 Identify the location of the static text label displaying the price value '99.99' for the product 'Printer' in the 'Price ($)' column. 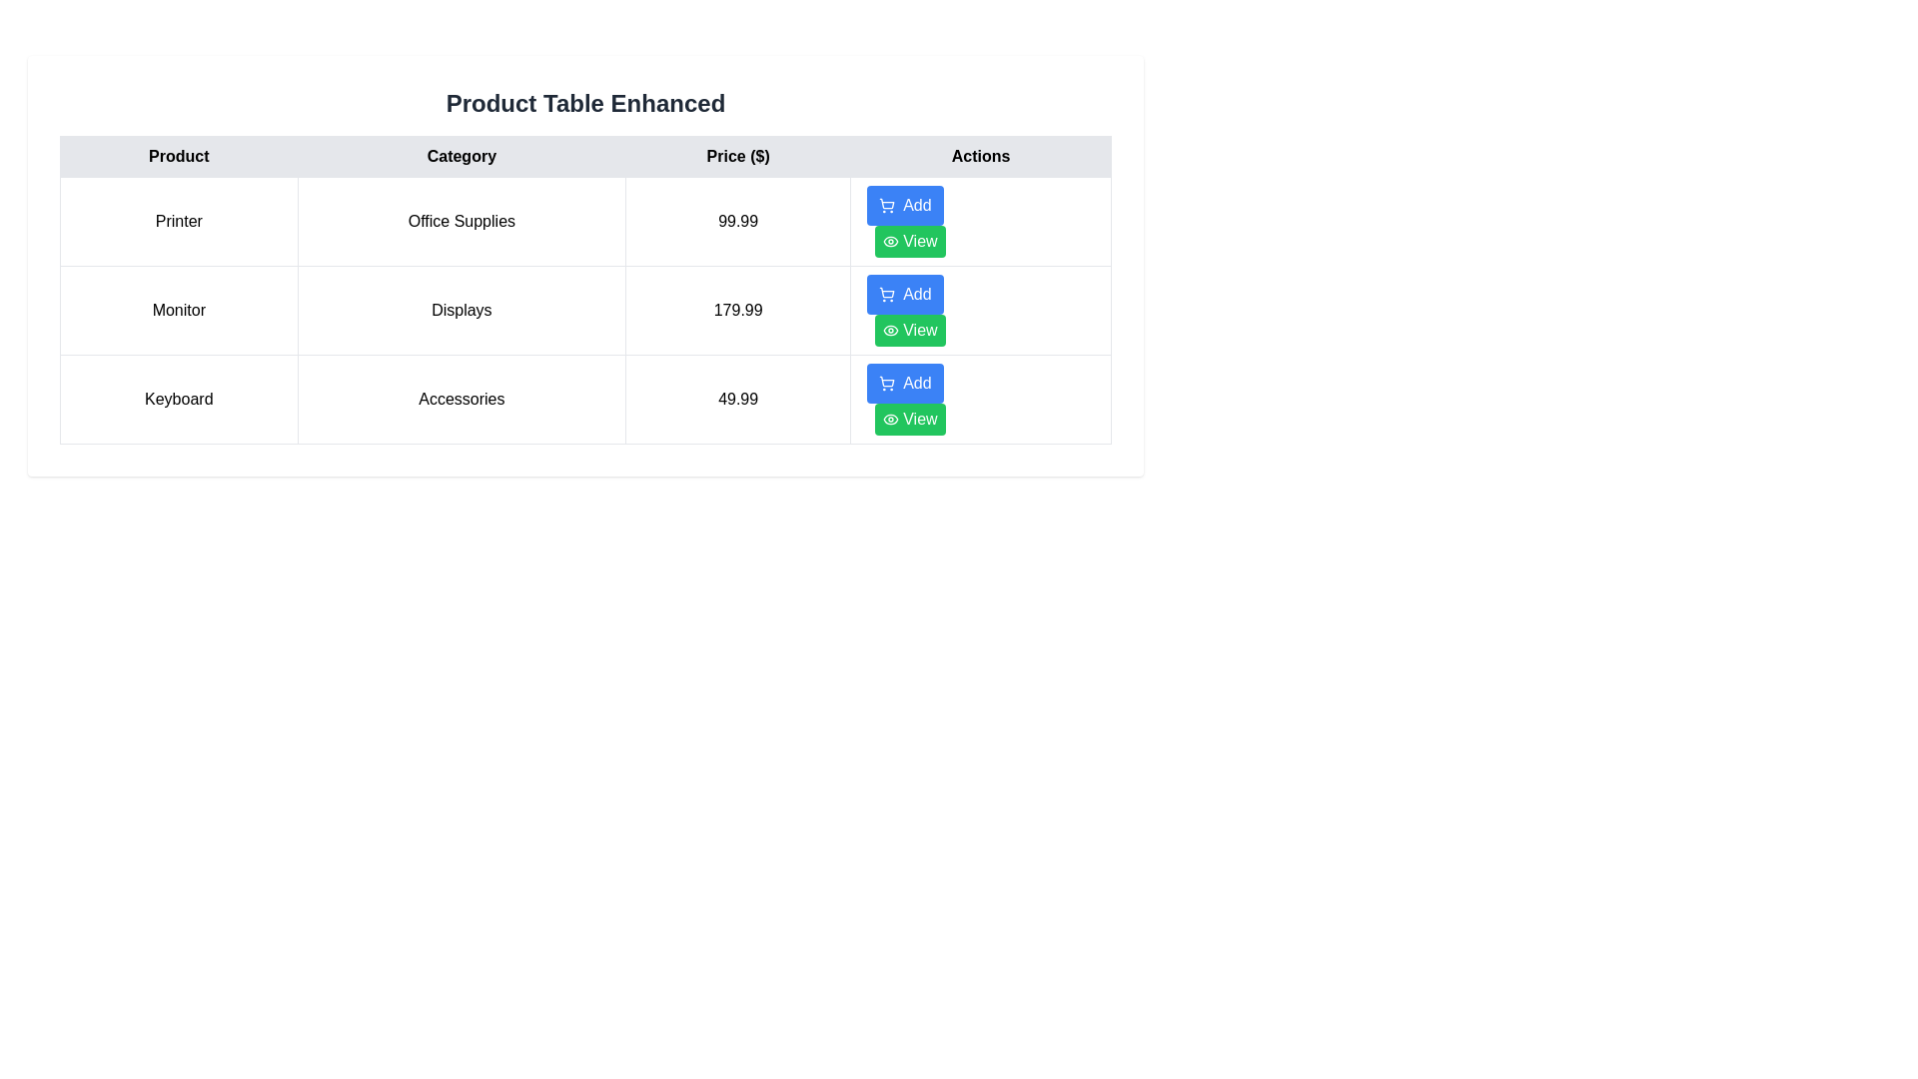
(737, 222).